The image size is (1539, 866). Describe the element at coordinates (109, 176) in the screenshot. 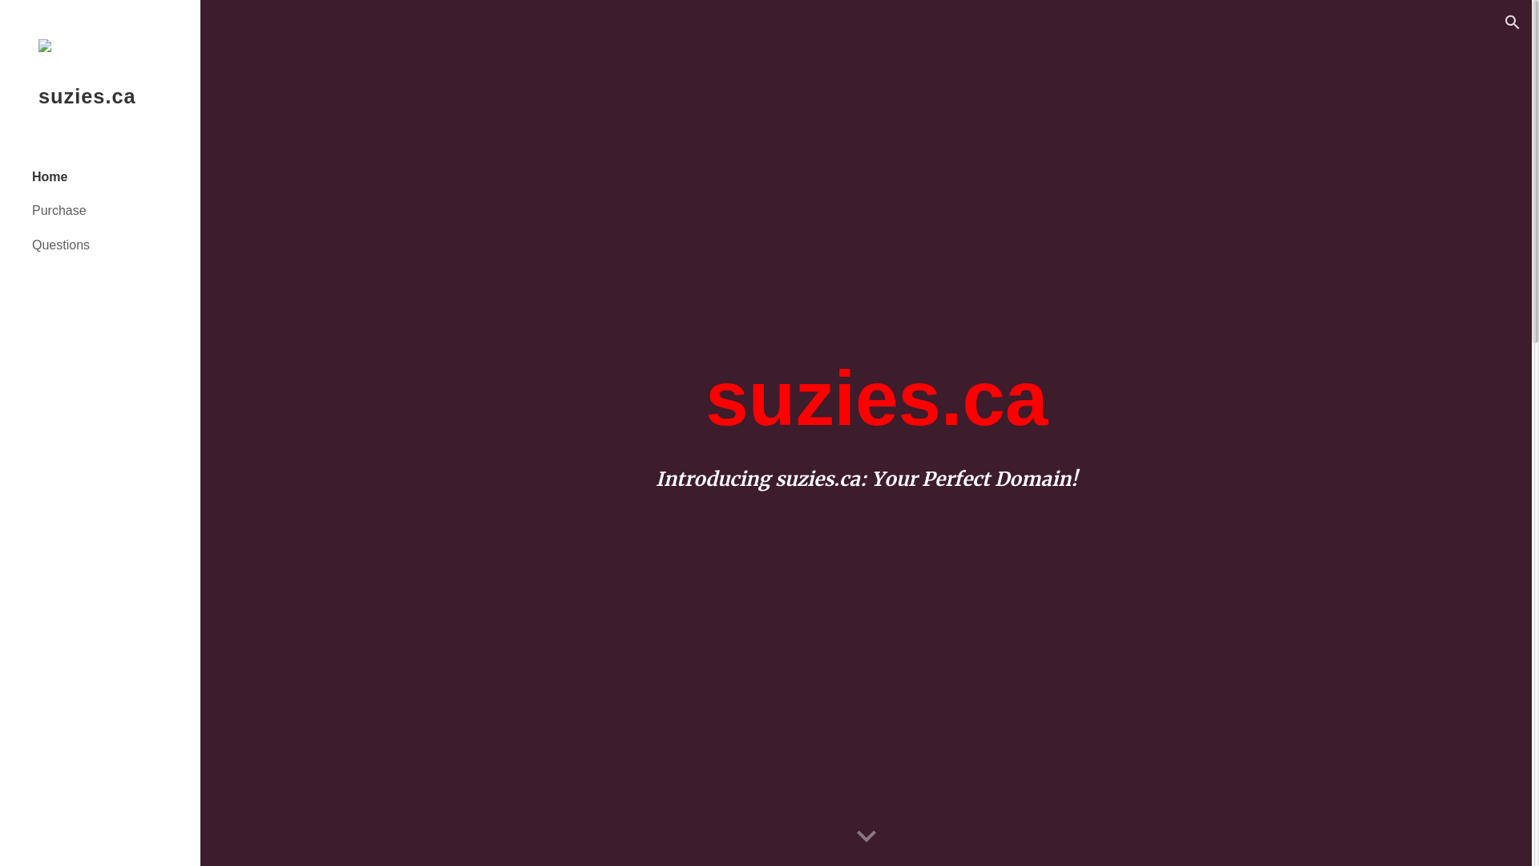

I see `'Home'` at that location.